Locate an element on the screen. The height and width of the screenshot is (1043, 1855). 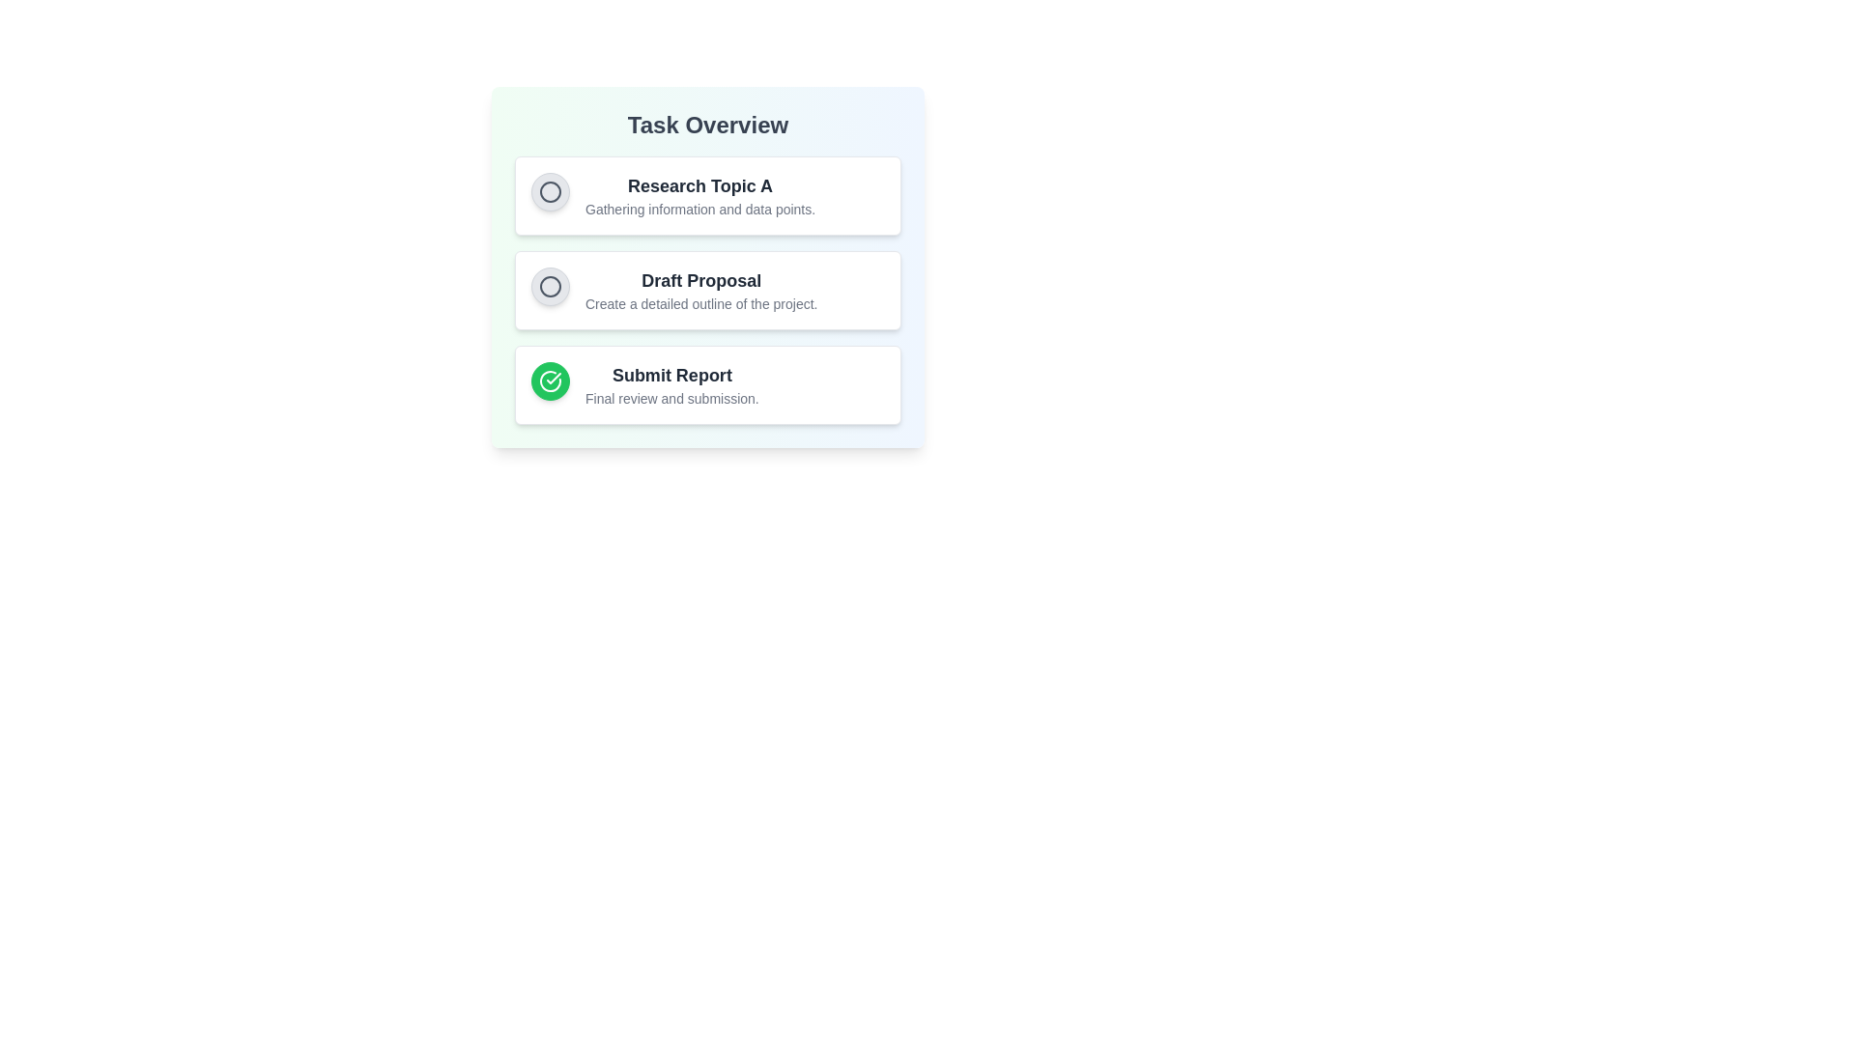
heading 'Research Topic A' and the description 'Gathering information and data points.' from the text block in the first card under 'Task Overview.' is located at coordinates (699, 196).